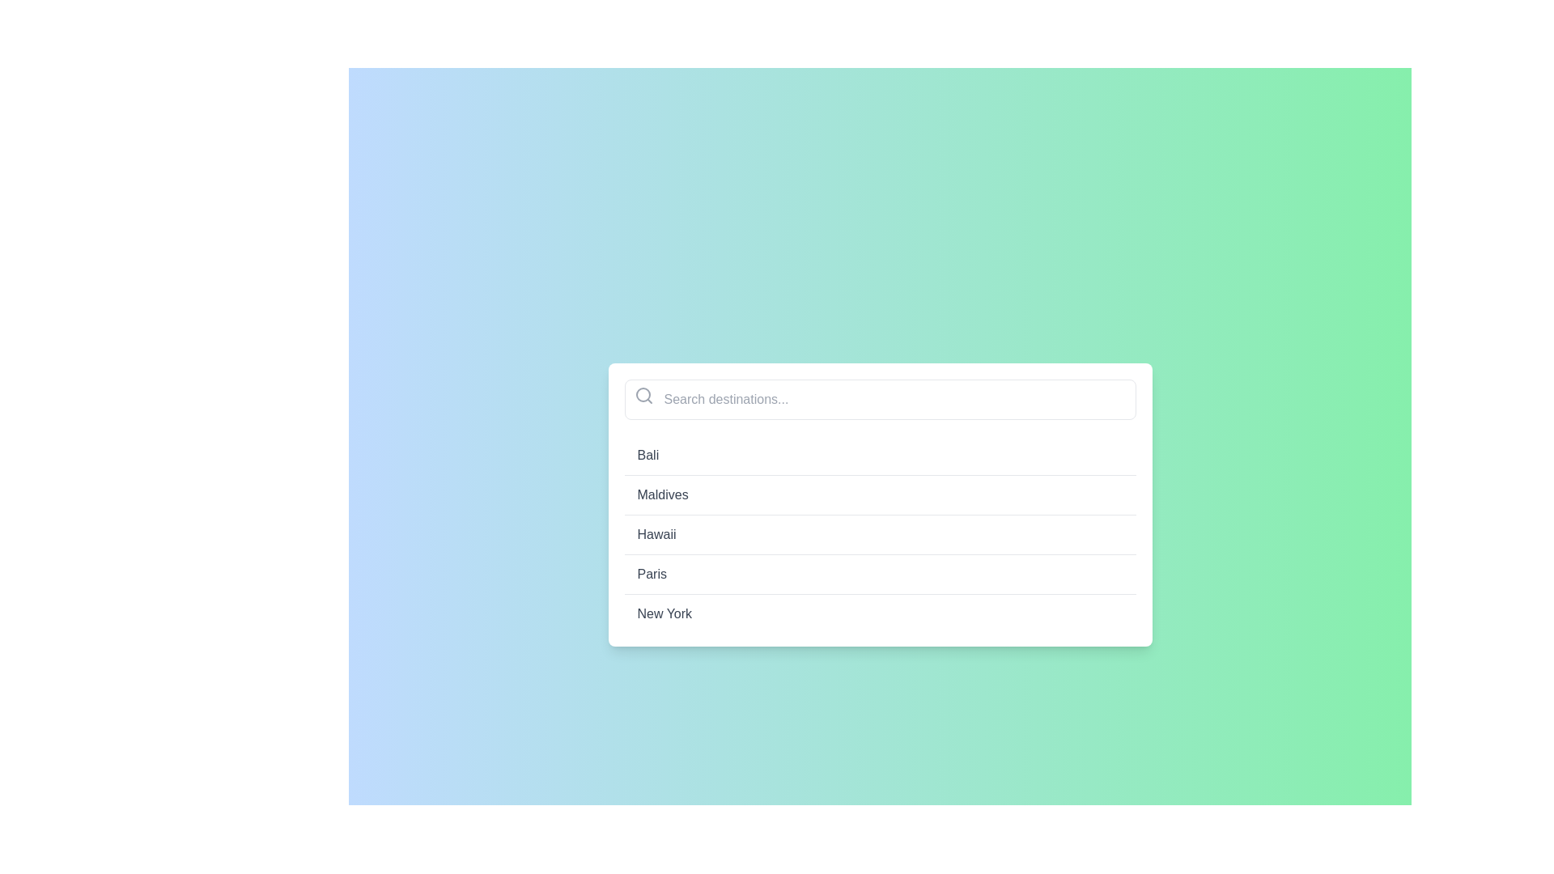 This screenshot has height=874, width=1554. What do you see at coordinates (642, 395) in the screenshot?
I see `the decorative circular element within the search icon located in the top-left corner of the input box` at bounding box center [642, 395].